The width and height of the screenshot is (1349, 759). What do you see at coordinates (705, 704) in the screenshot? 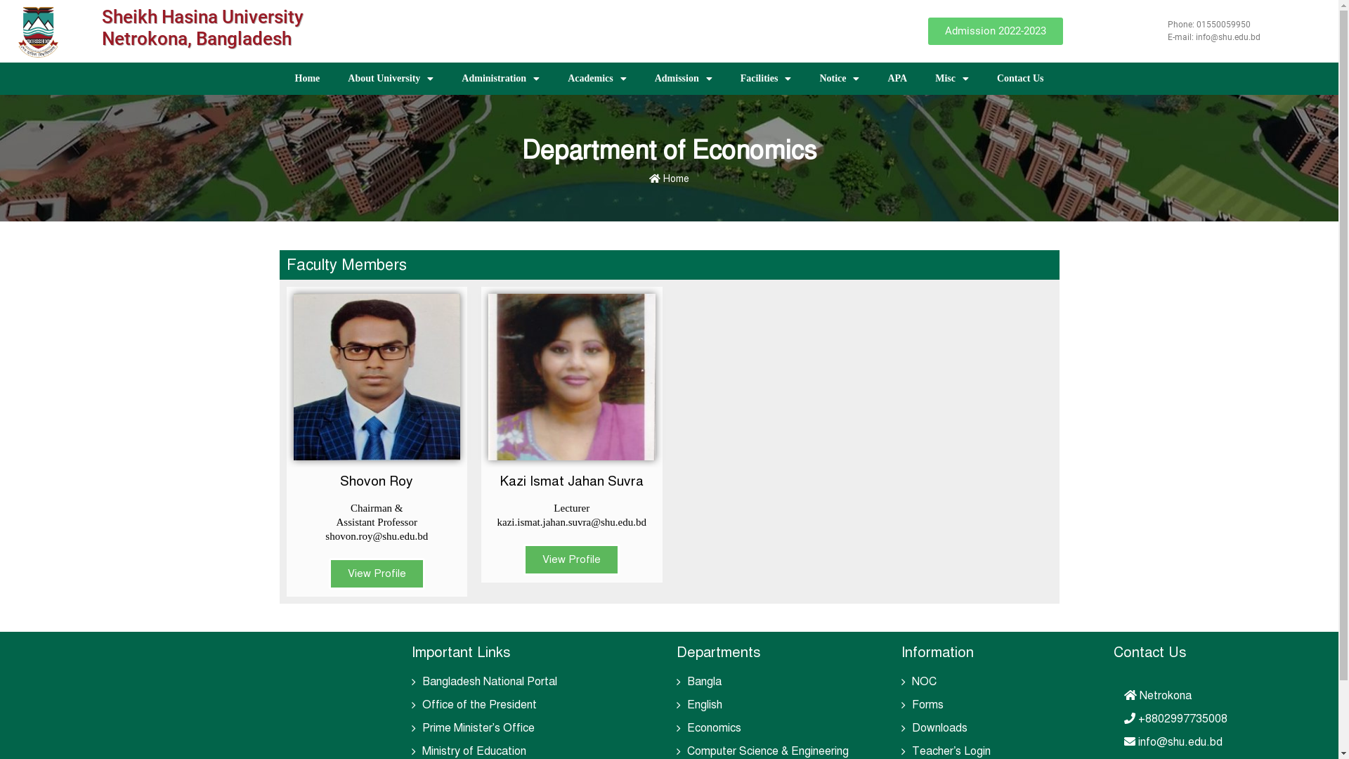
I see `'English'` at bounding box center [705, 704].